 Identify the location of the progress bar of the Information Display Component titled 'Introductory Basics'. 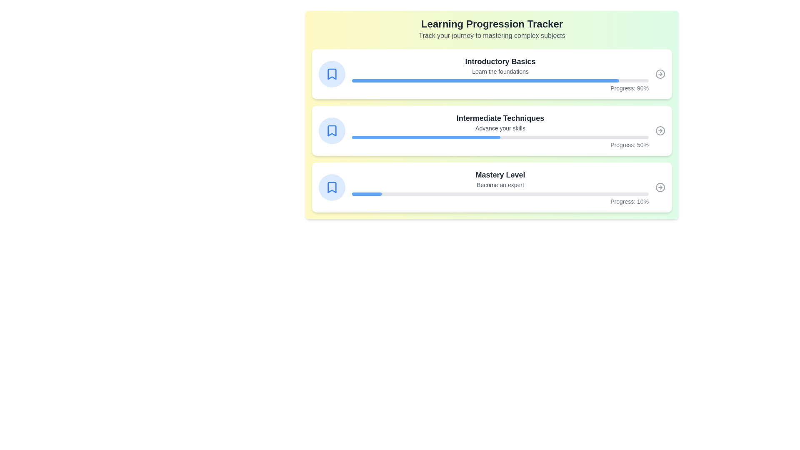
(500, 73).